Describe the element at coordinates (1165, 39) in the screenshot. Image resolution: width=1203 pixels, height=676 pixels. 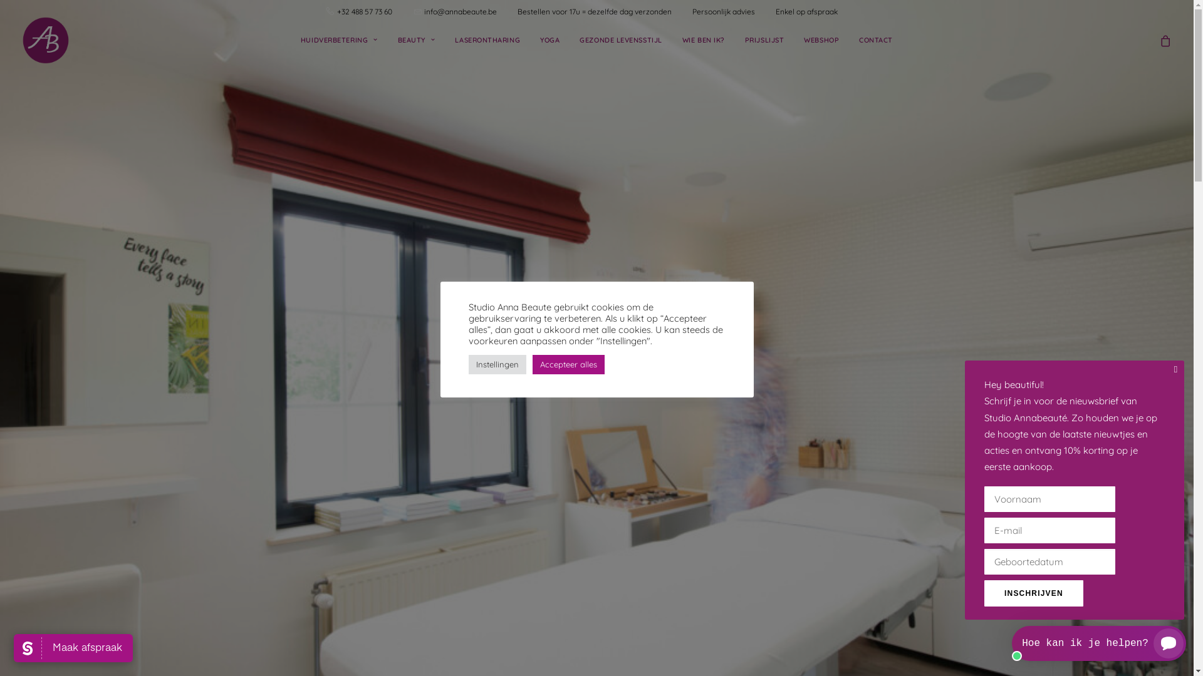
I see `'cart'` at that location.